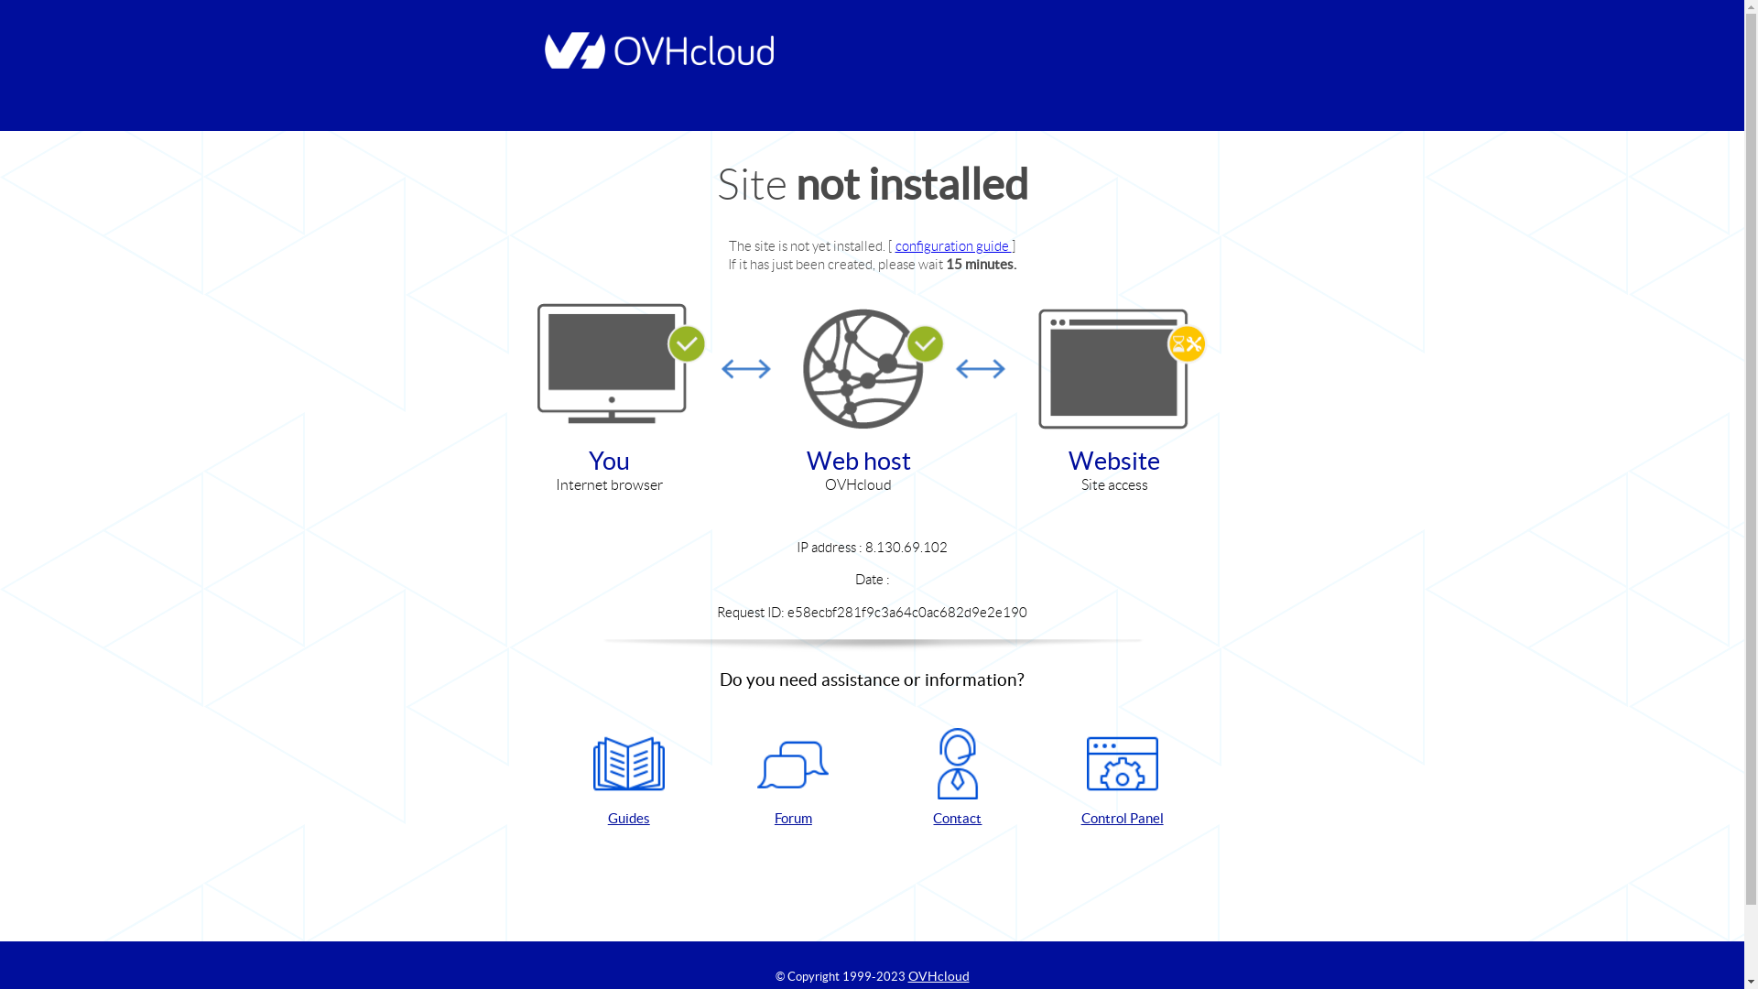 The height and width of the screenshot is (989, 1758). What do you see at coordinates (939, 974) in the screenshot?
I see `'OVHcloud'` at bounding box center [939, 974].